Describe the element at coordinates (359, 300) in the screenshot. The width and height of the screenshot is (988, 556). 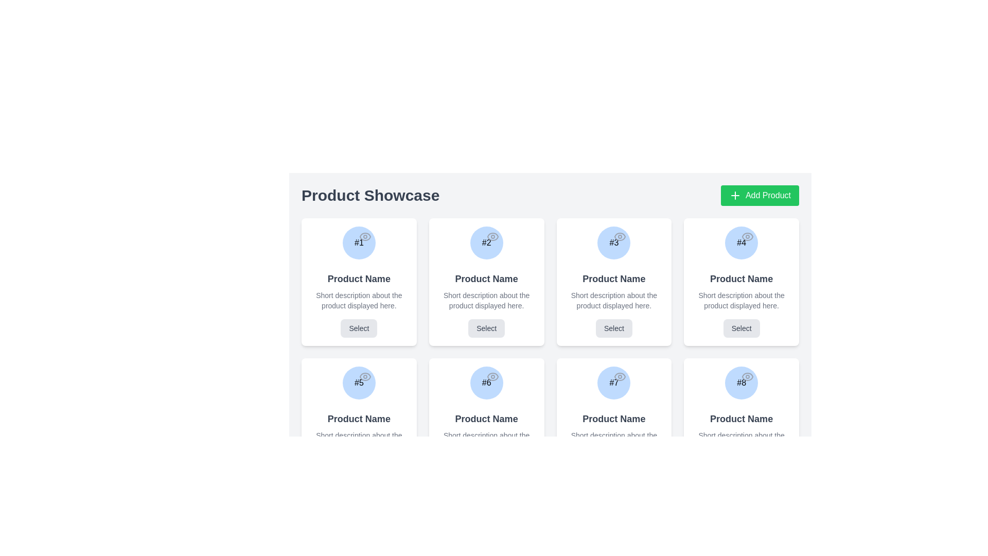
I see `text element displaying 'Short description about the product displayed here.' located within the first product card, beneath the title 'Product Name' and above the 'Select' button` at that location.